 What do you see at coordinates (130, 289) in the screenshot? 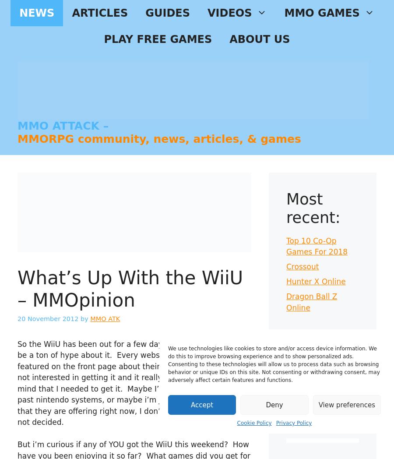
I see `'What’s Up With the WiiU – MMOpinion'` at bounding box center [130, 289].